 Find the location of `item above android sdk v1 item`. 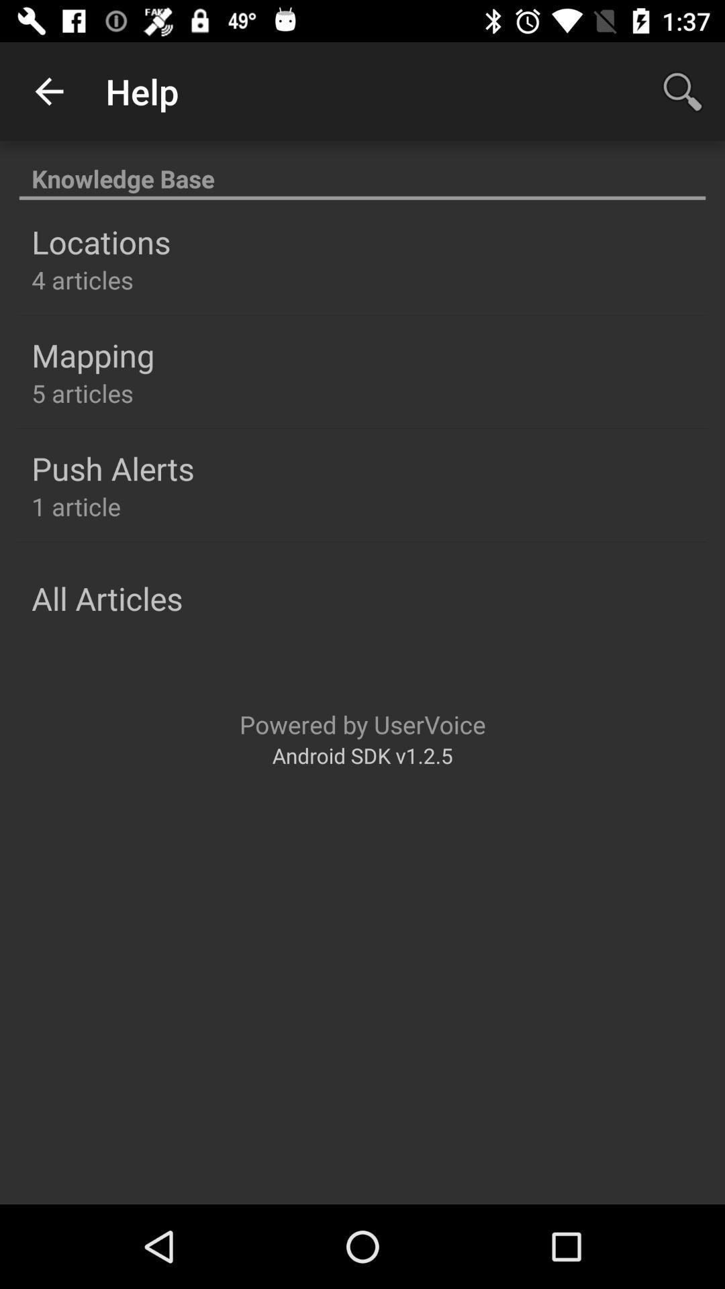

item above android sdk v1 item is located at coordinates (362, 724).